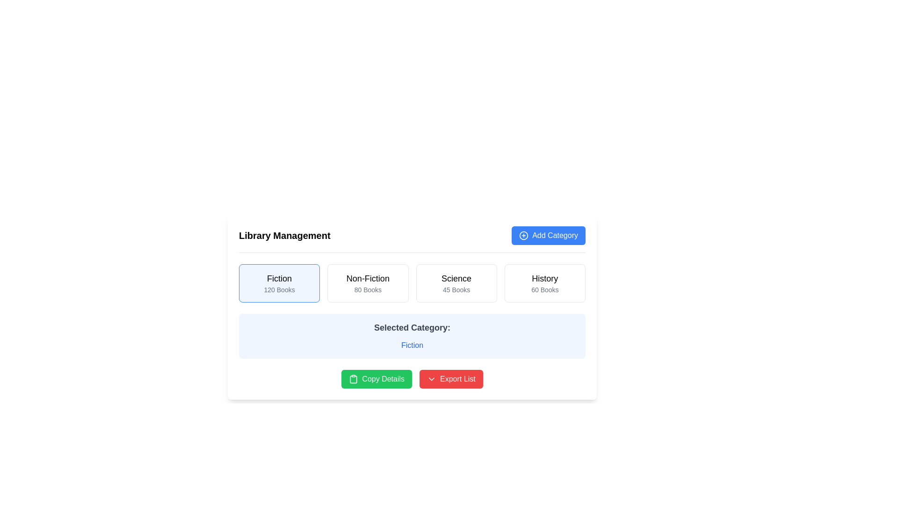  Describe the element at coordinates (353, 379) in the screenshot. I see `the clipboard-shaped icon located to the left of the 'Copy Details' text within the green rounded rectangle button at the bottom-center of the interface` at that location.